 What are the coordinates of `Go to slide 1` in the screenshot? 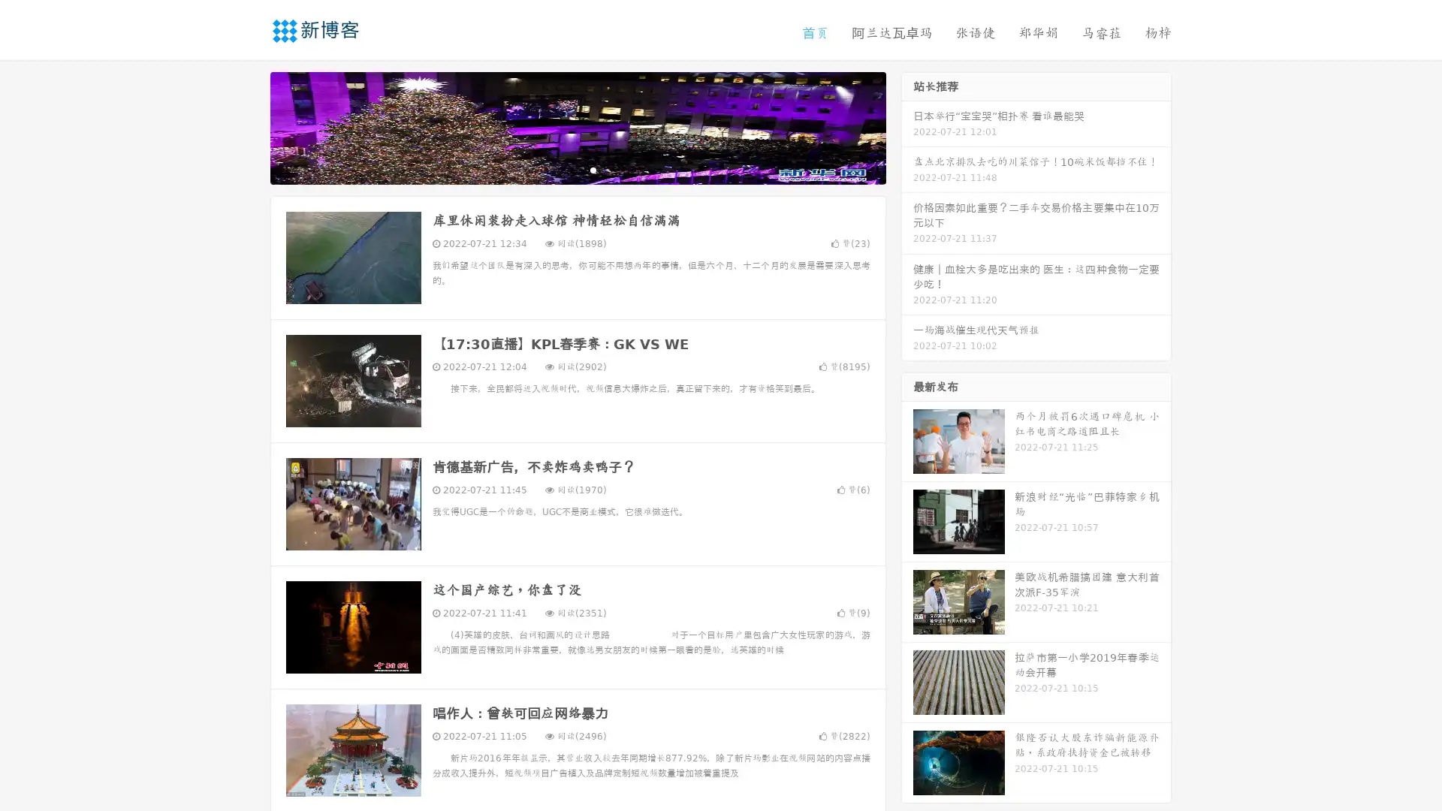 It's located at (562, 169).